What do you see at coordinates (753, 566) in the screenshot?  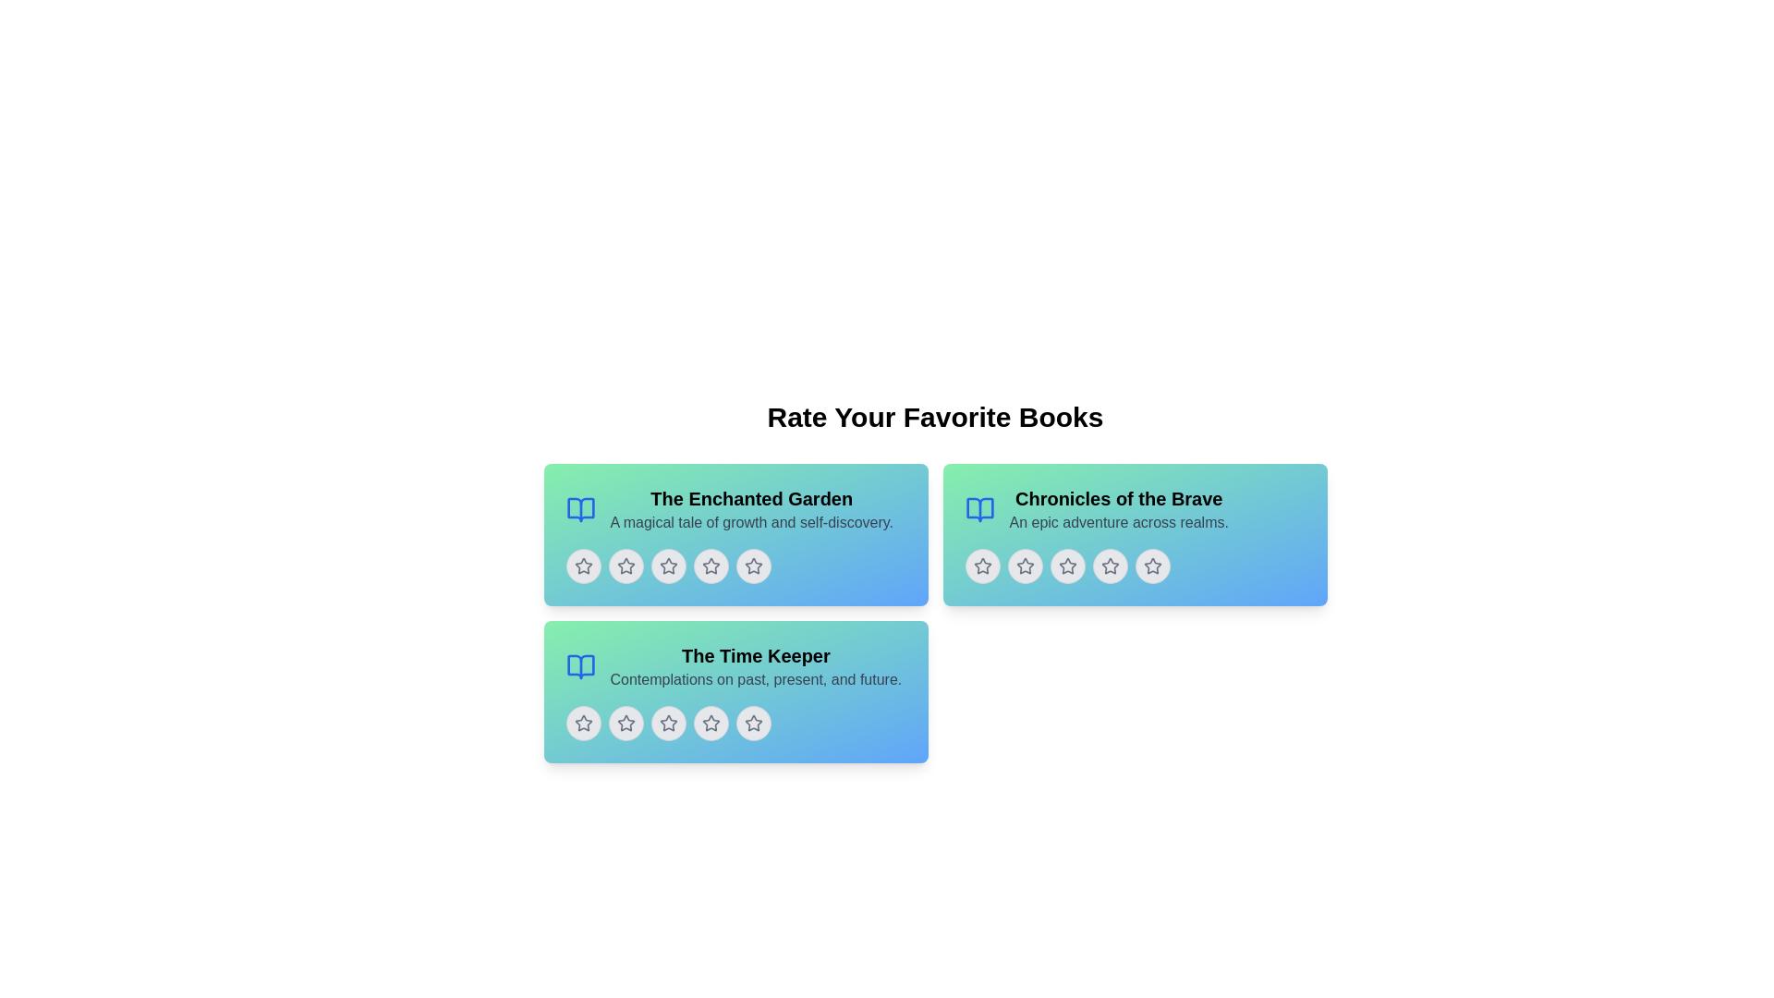 I see `the fourth star icon in the star rating widget beneath the title 'The Enchanted Garden'` at bounding box center [753, 566].